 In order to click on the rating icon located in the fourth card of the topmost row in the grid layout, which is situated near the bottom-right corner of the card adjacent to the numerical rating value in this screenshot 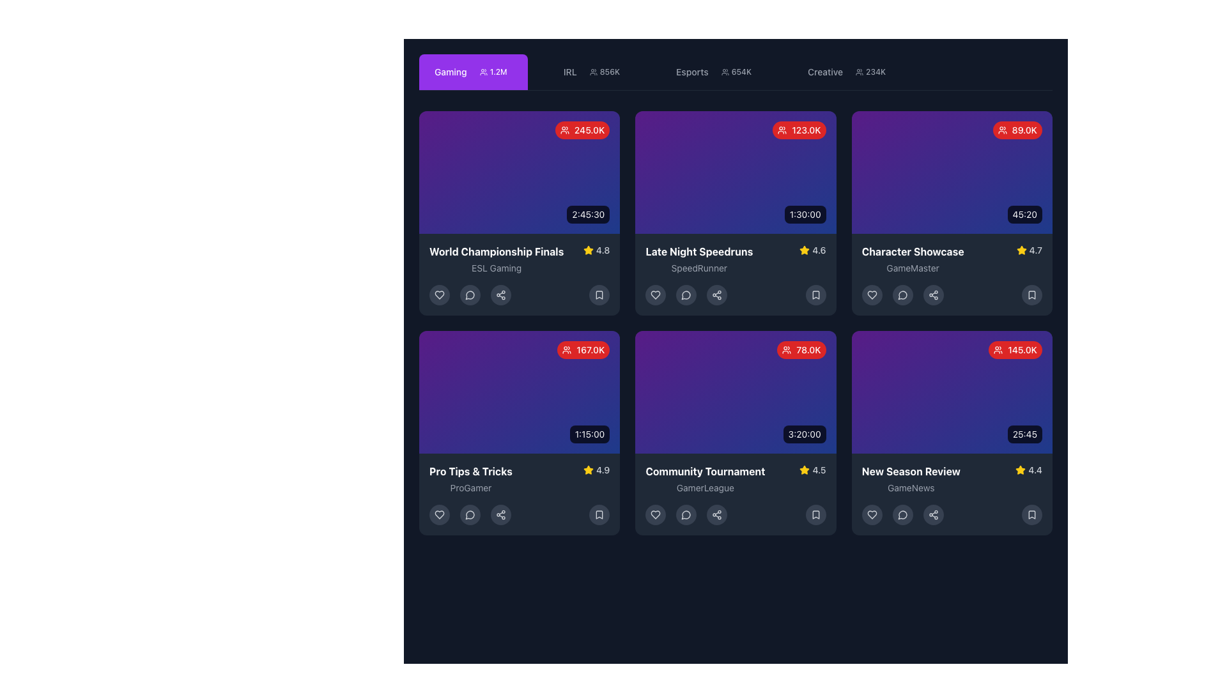, I will do `click(587, 250)`.